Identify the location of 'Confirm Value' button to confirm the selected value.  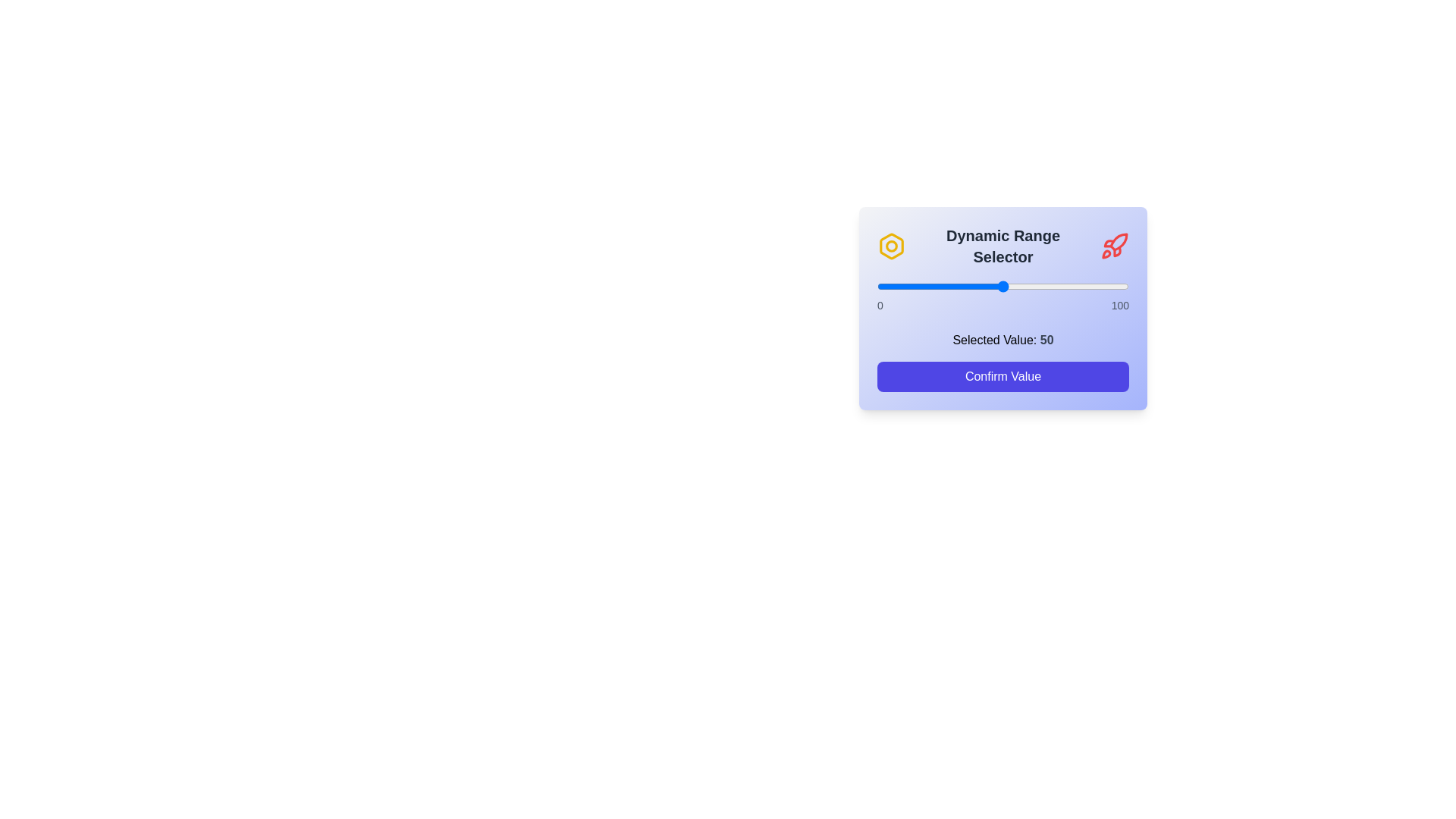
(1003, 376).